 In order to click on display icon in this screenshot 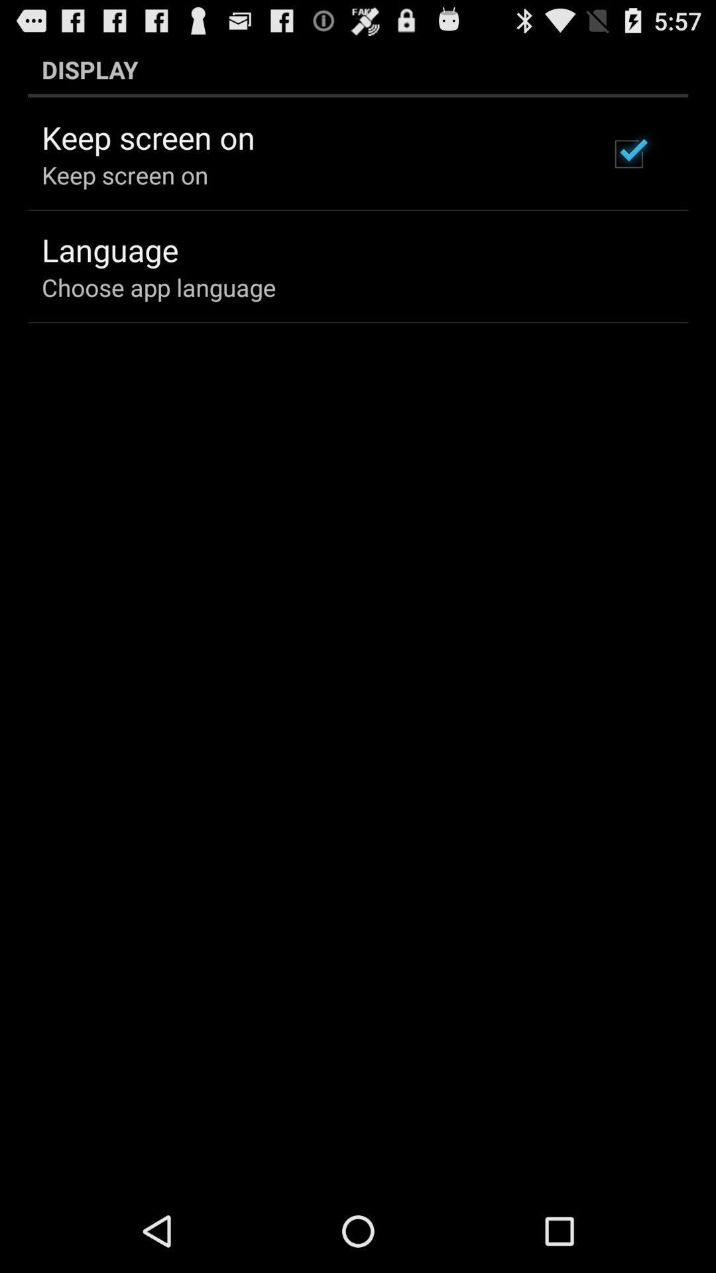, I will do `click(358, 69)`.